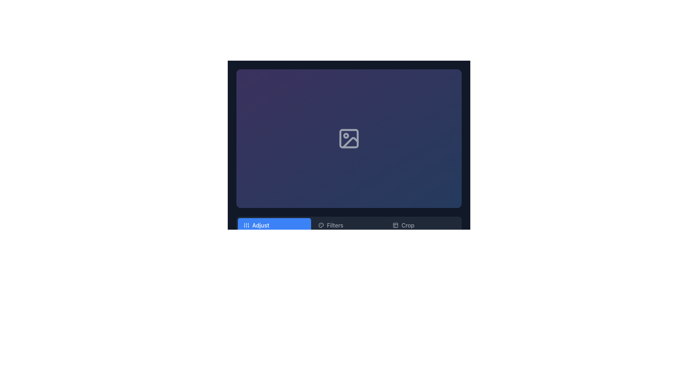 This screenshot has height=390, width=693. What do you see at coordinates (349, 225) in the screenshot?
I see `the filter button located between the 'Adjust' button on the left and the 'Crop' button on the right, allowing for keyboard navigation to access filter functionalities` at bounding box center [349, 225].